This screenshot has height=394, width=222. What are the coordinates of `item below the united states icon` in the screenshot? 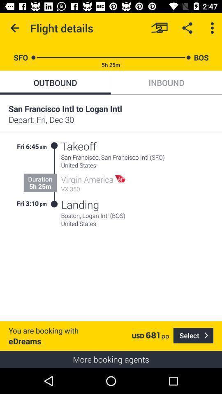 It's located at (193, 336).